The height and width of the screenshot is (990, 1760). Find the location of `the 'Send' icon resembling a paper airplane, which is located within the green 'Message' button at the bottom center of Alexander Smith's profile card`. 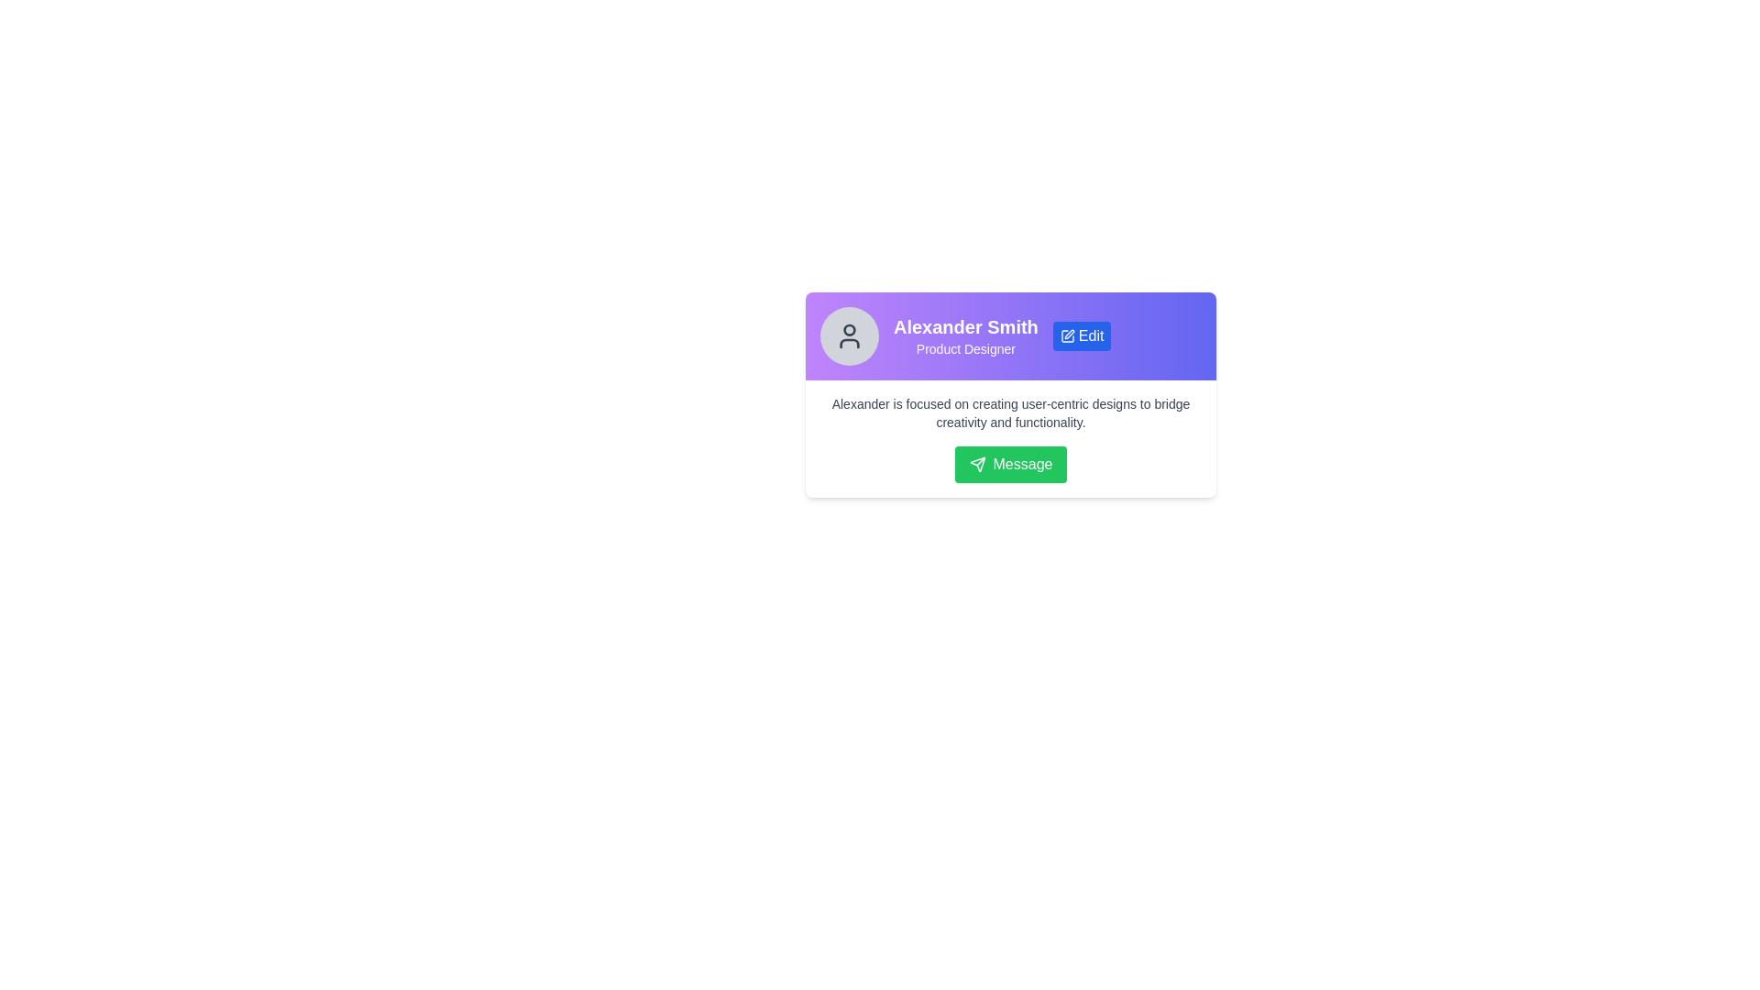

the 'Send' icon resembling a paper airplane, which is located within the green 'Message' button at the bottom center of Alexander Smith's profile card is located at coordinates (976, 463).